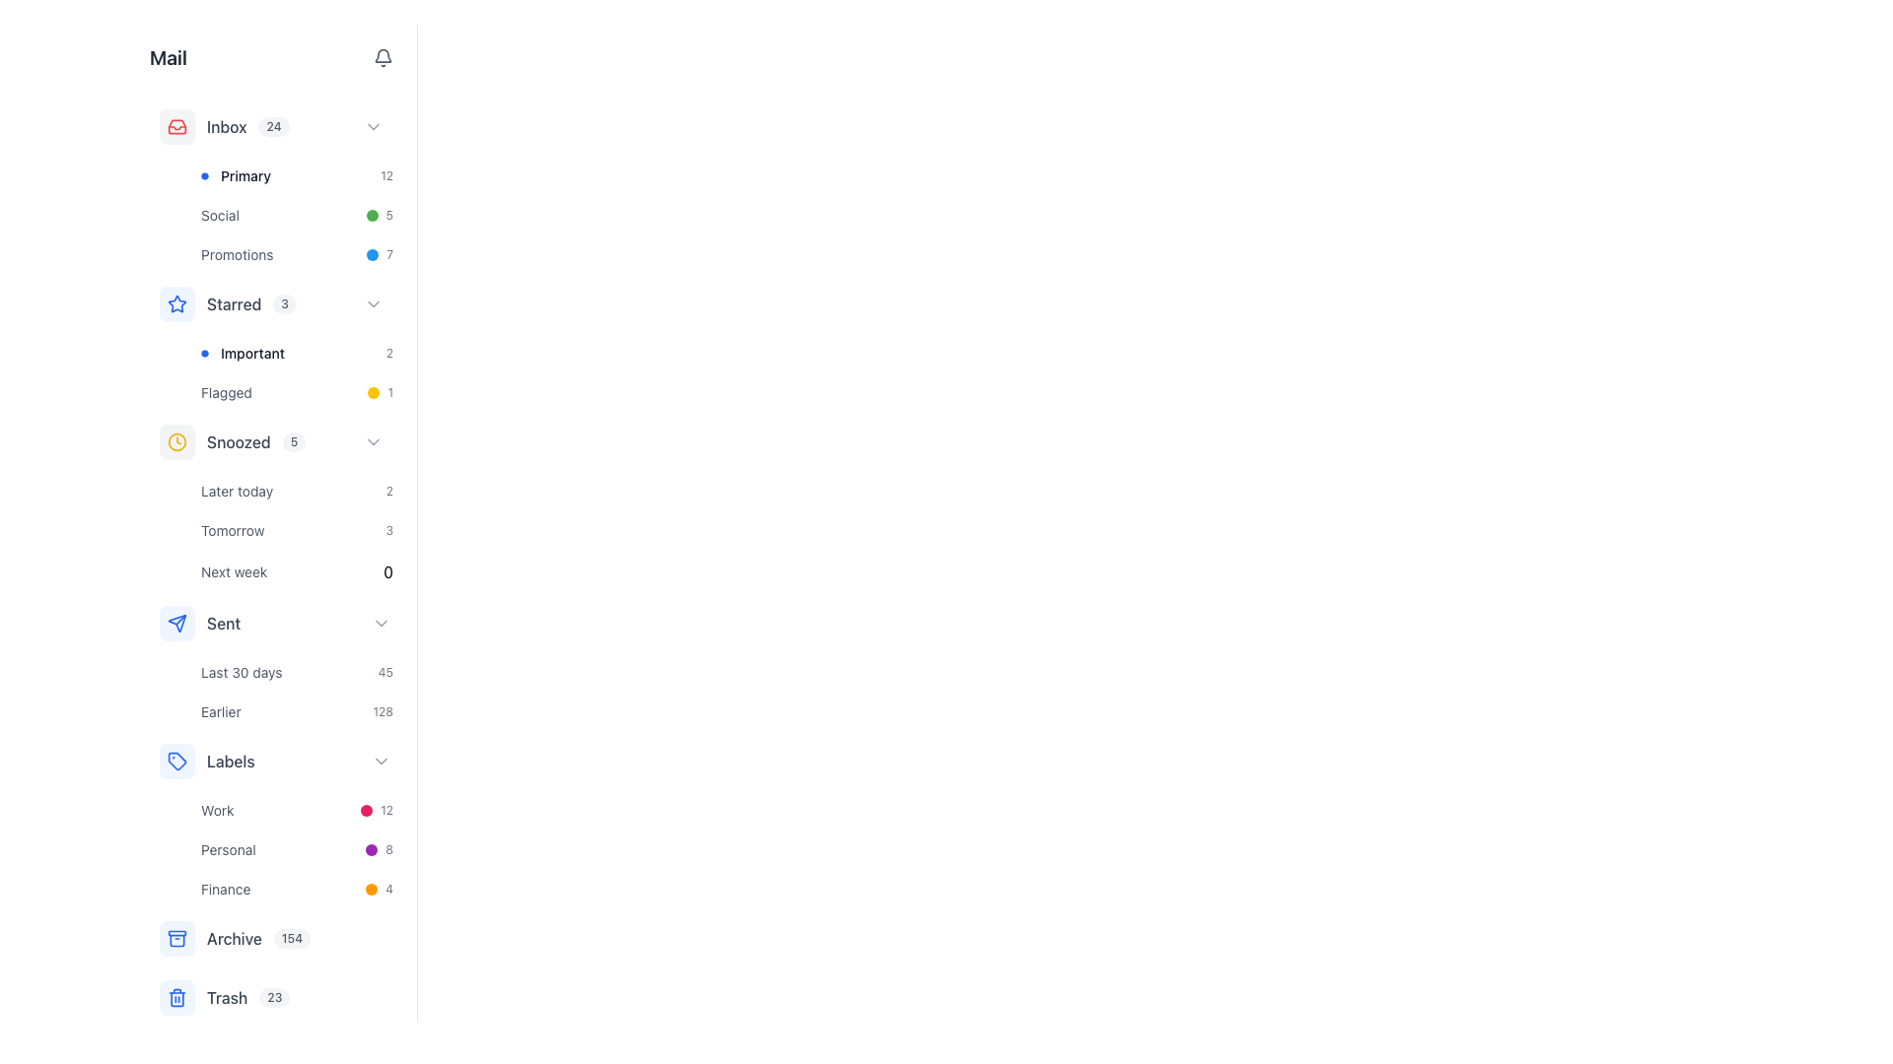  What do you see at coordinates (231, 760) in the screenshot?
I see `the 'Labels' text button located in the navigation list, which is below the 'Sent' option and above the 'Archive' option, styled with a dark gray font and accompanied by a blue tag icon` at bounding box center [231, 760].